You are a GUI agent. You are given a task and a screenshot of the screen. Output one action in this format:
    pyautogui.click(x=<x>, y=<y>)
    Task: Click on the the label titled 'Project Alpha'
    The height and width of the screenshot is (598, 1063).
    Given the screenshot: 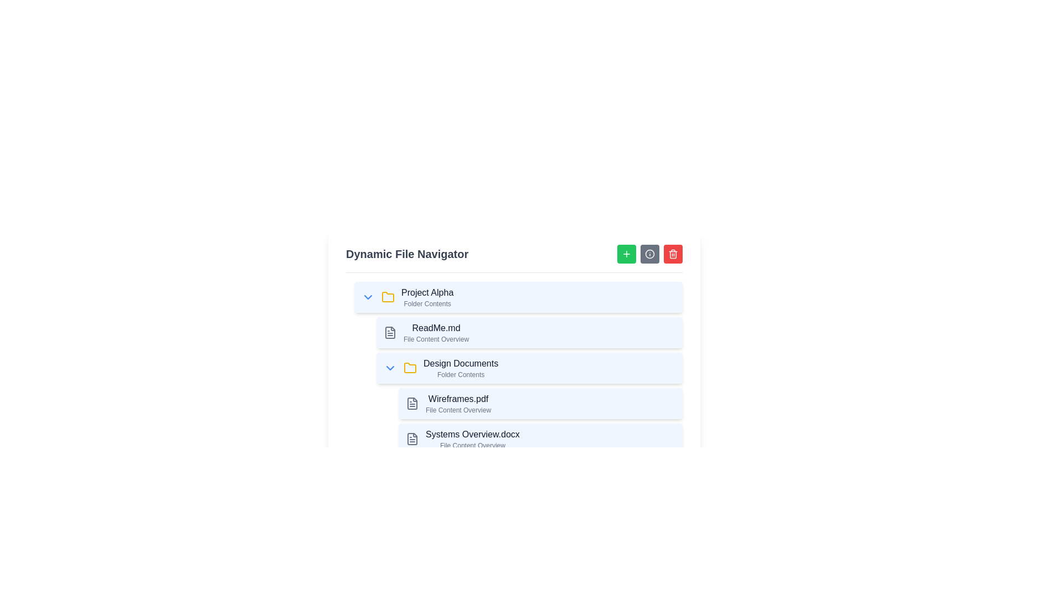 What is the action you would take?
    pyautogui.click(x=427, y=292)
    